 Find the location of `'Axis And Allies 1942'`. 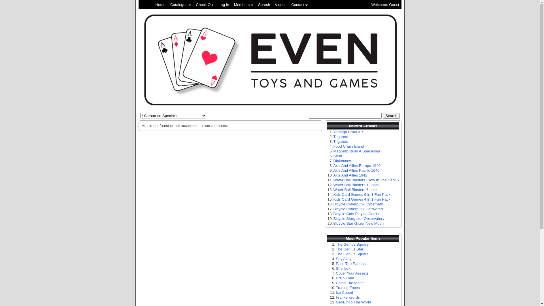

'Axis And Allies 1942' is located at coordinates (350, 175).